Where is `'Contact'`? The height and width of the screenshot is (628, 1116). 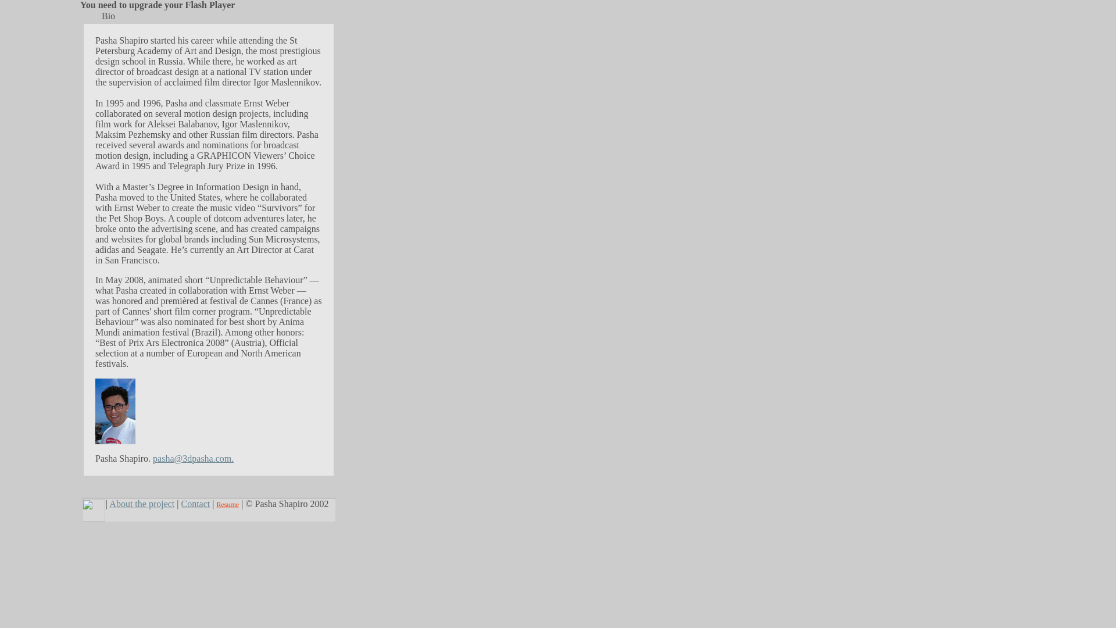
'Contact' is located at coordinates (181, 503).